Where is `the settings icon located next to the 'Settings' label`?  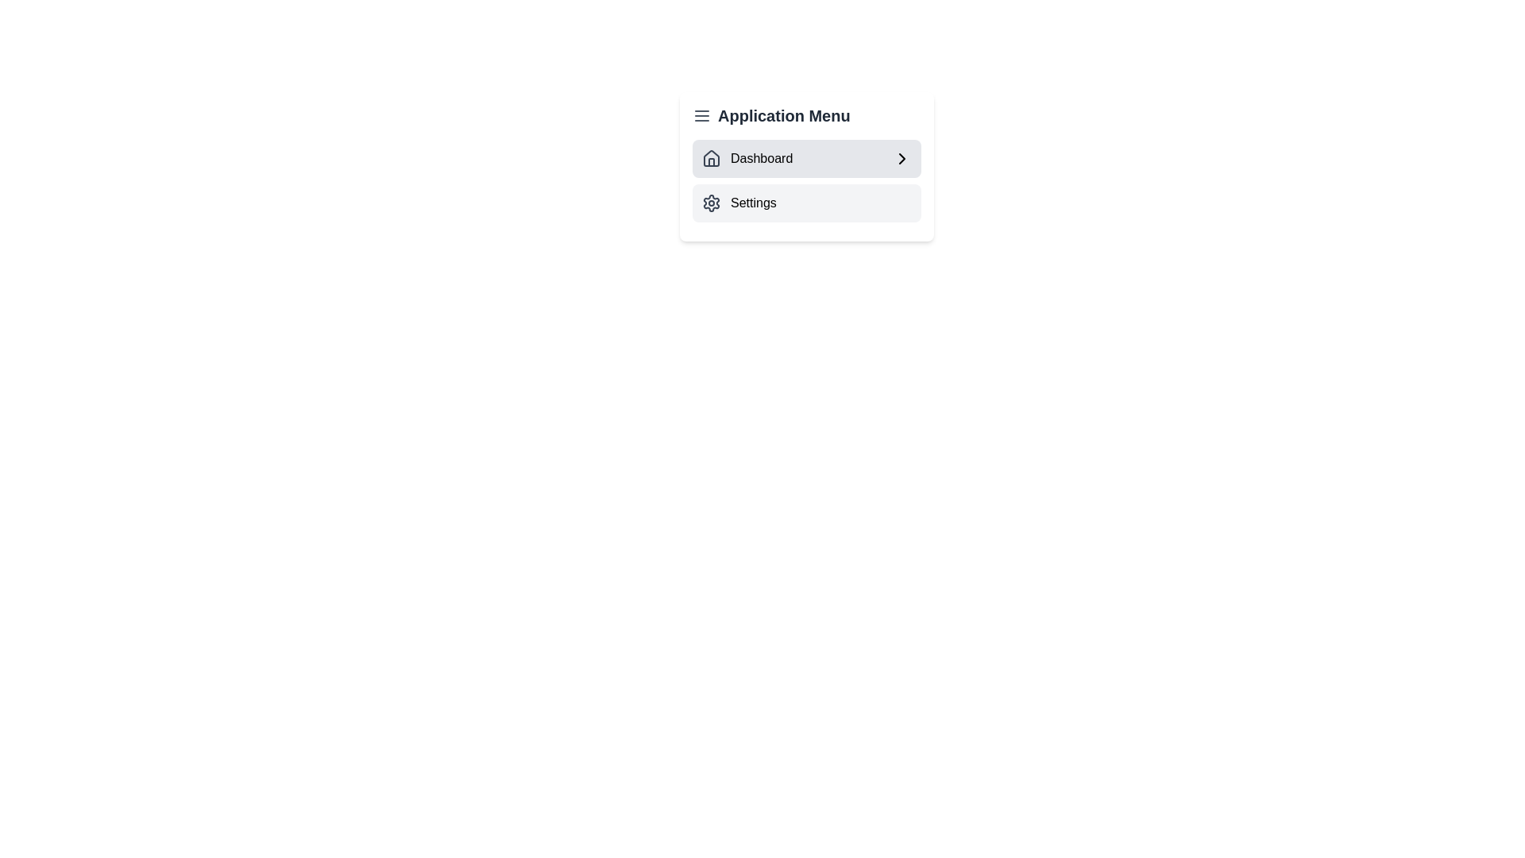
the settings icon located next to the 'Settings' label is located at coordinates (711, 202).